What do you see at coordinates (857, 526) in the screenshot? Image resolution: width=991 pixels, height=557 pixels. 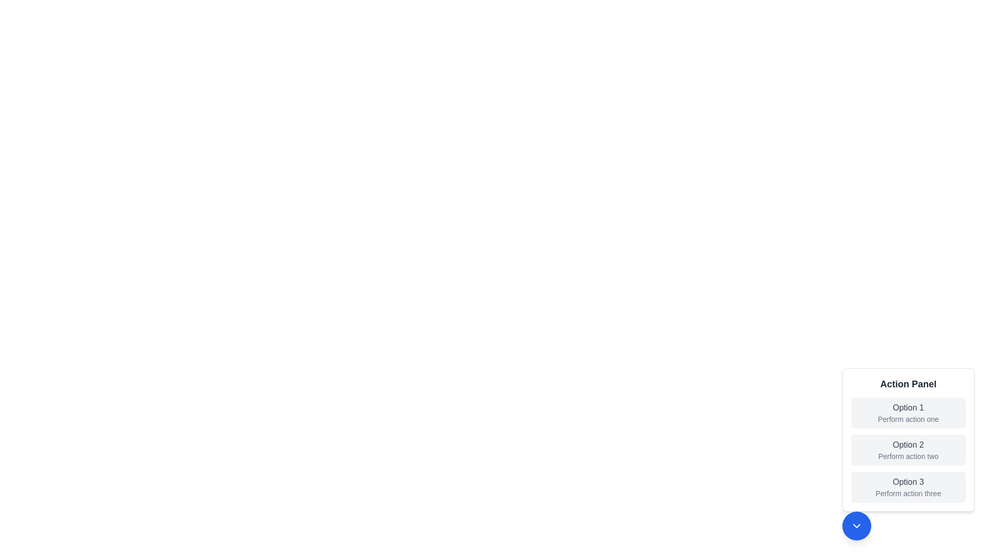 I see `the downward-facing chevron icon contained within the circular blue button located at the bottom-right region of the interface` at bounding box center [857, 526].